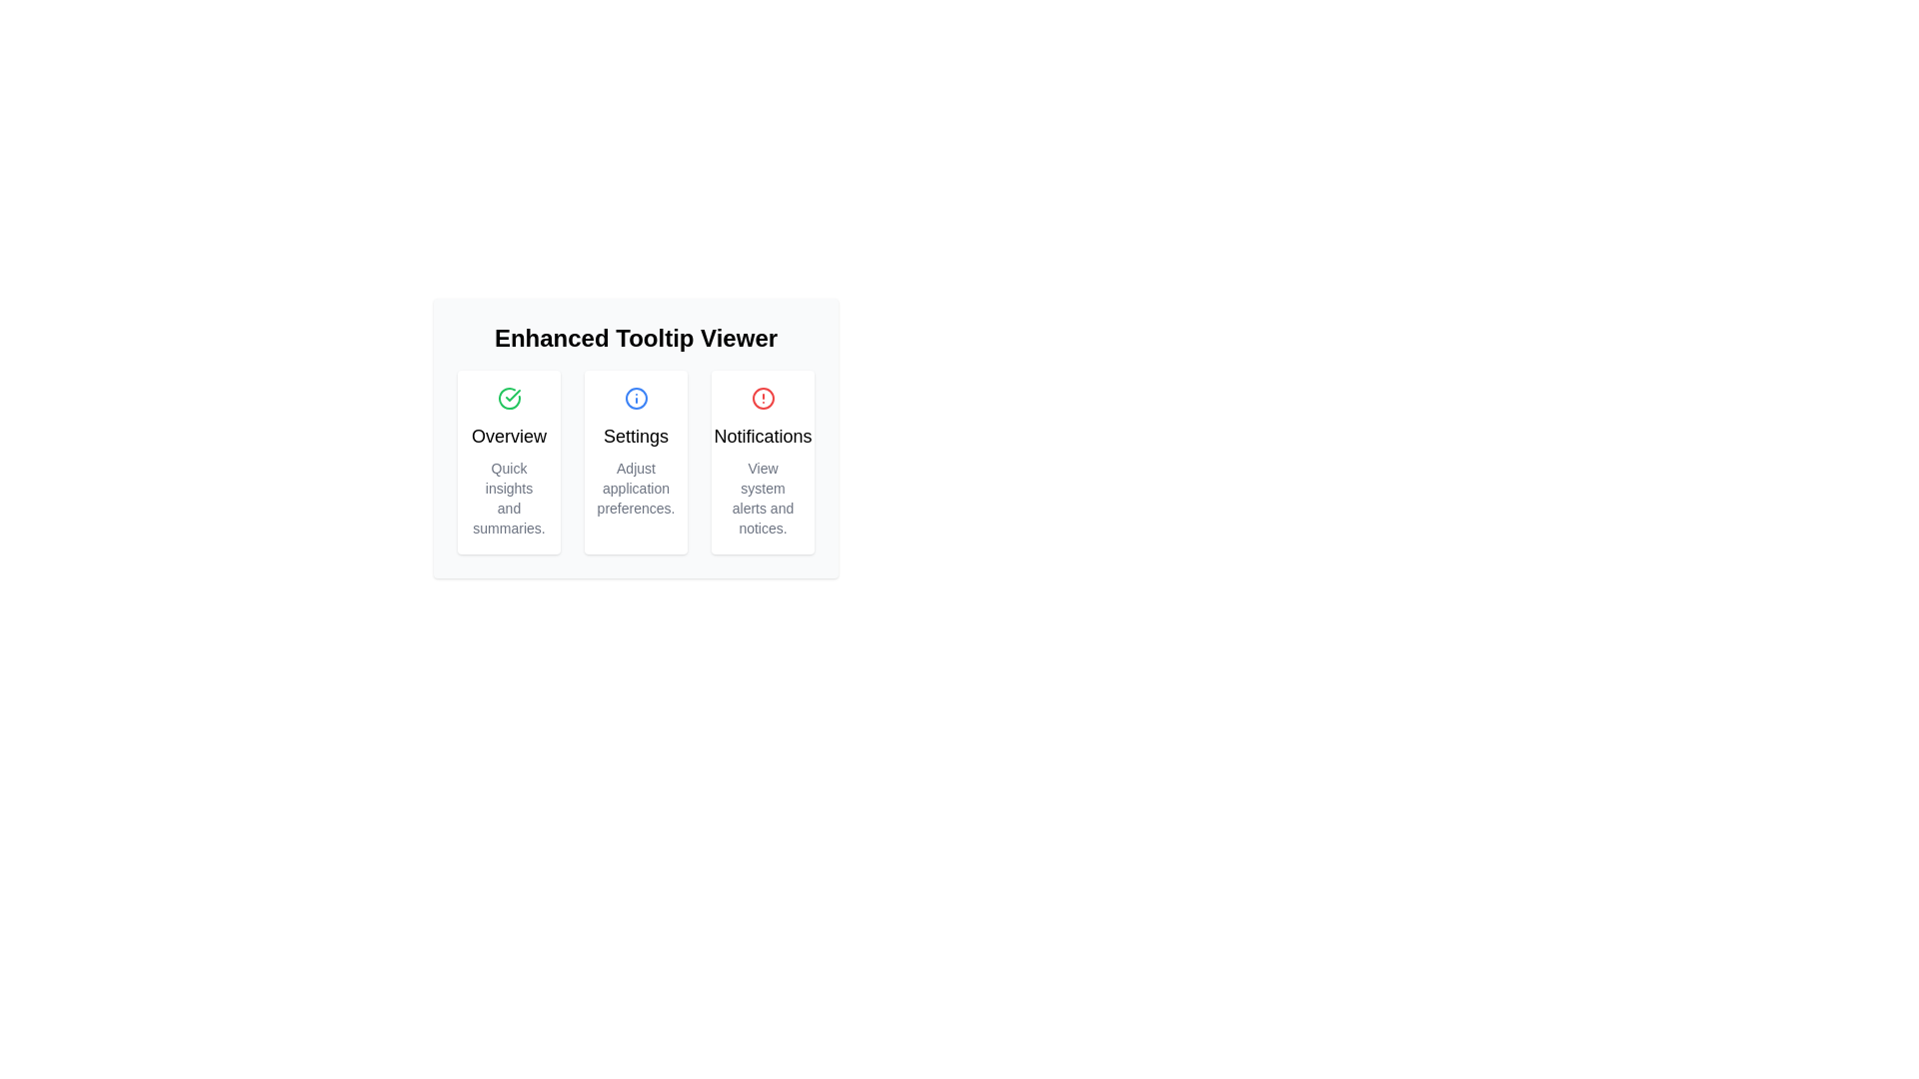 This screenshot has height=1079, width=1919. What do you see at coordinates (509, 497) in the screenshot?
I see `text label that displays 'Quick insights and summaries.' located at the bottom of the card titled 'Overview'` at bounding box center [509, 497].